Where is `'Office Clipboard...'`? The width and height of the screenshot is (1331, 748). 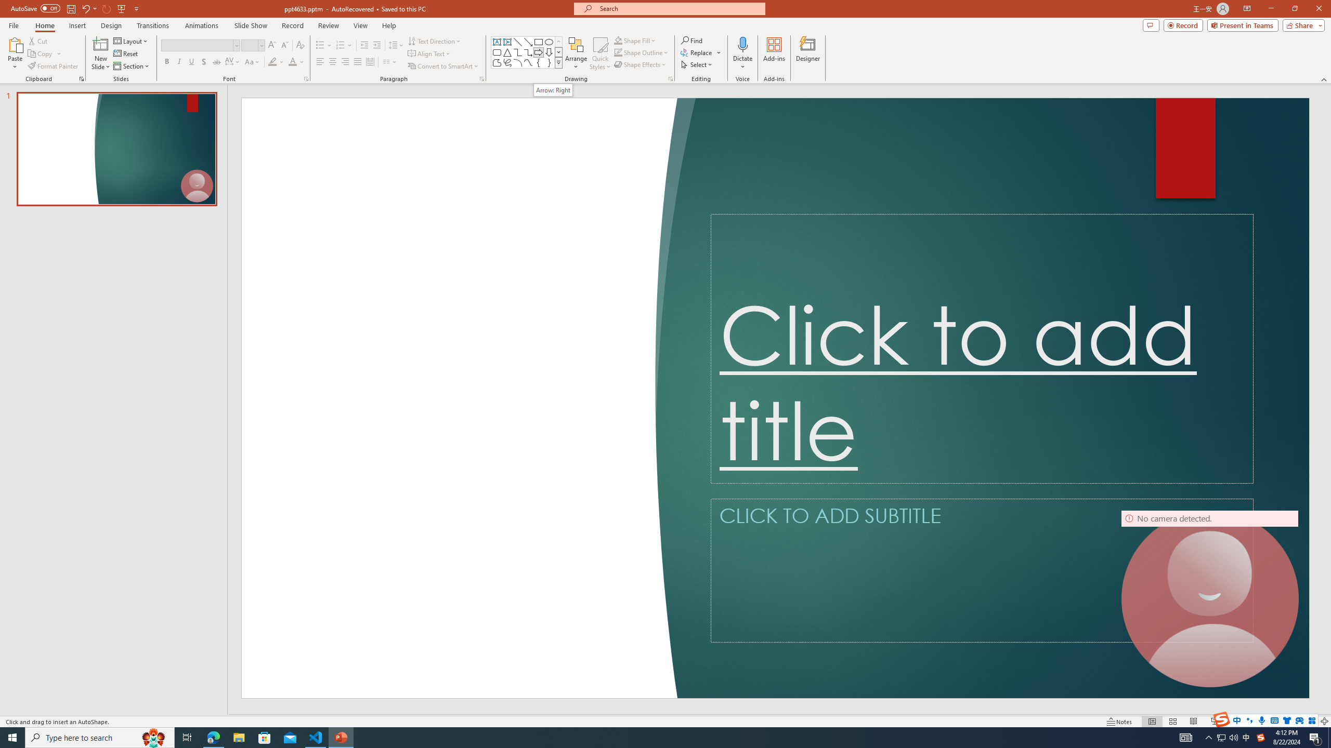
'Office Clipboard...' is located at coordinates (81, 78).